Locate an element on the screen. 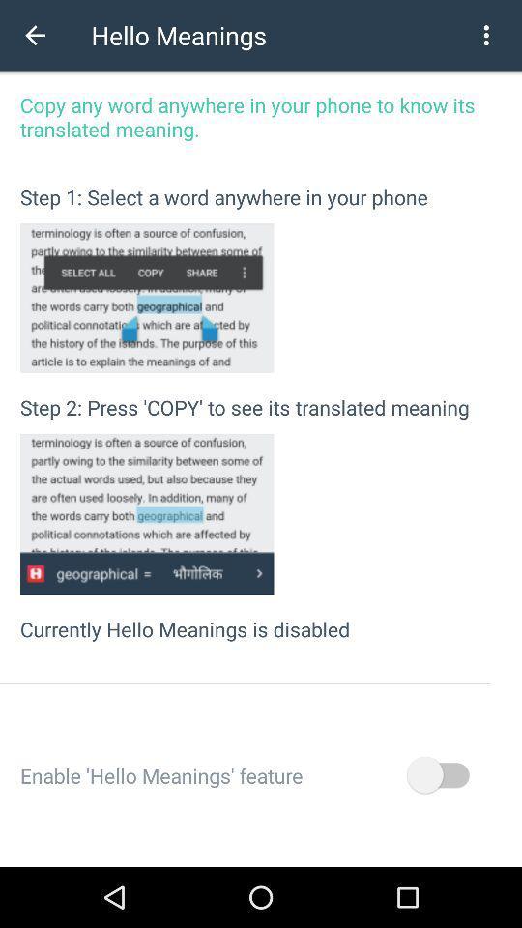  icon at the bottom right corner is located at coordinates (437, 775).